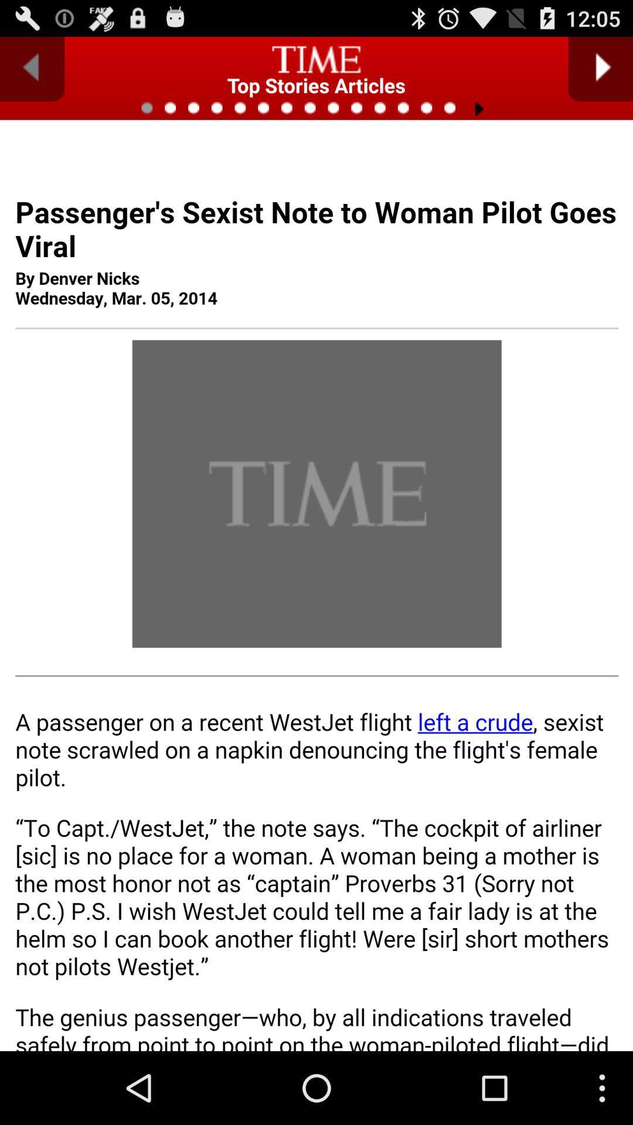 The width and height of the screenshot is (633, 1125). What do you see at coordinates (316, 623) in the screenshot?
I see `advertisement` at bounding box center [316, 623].